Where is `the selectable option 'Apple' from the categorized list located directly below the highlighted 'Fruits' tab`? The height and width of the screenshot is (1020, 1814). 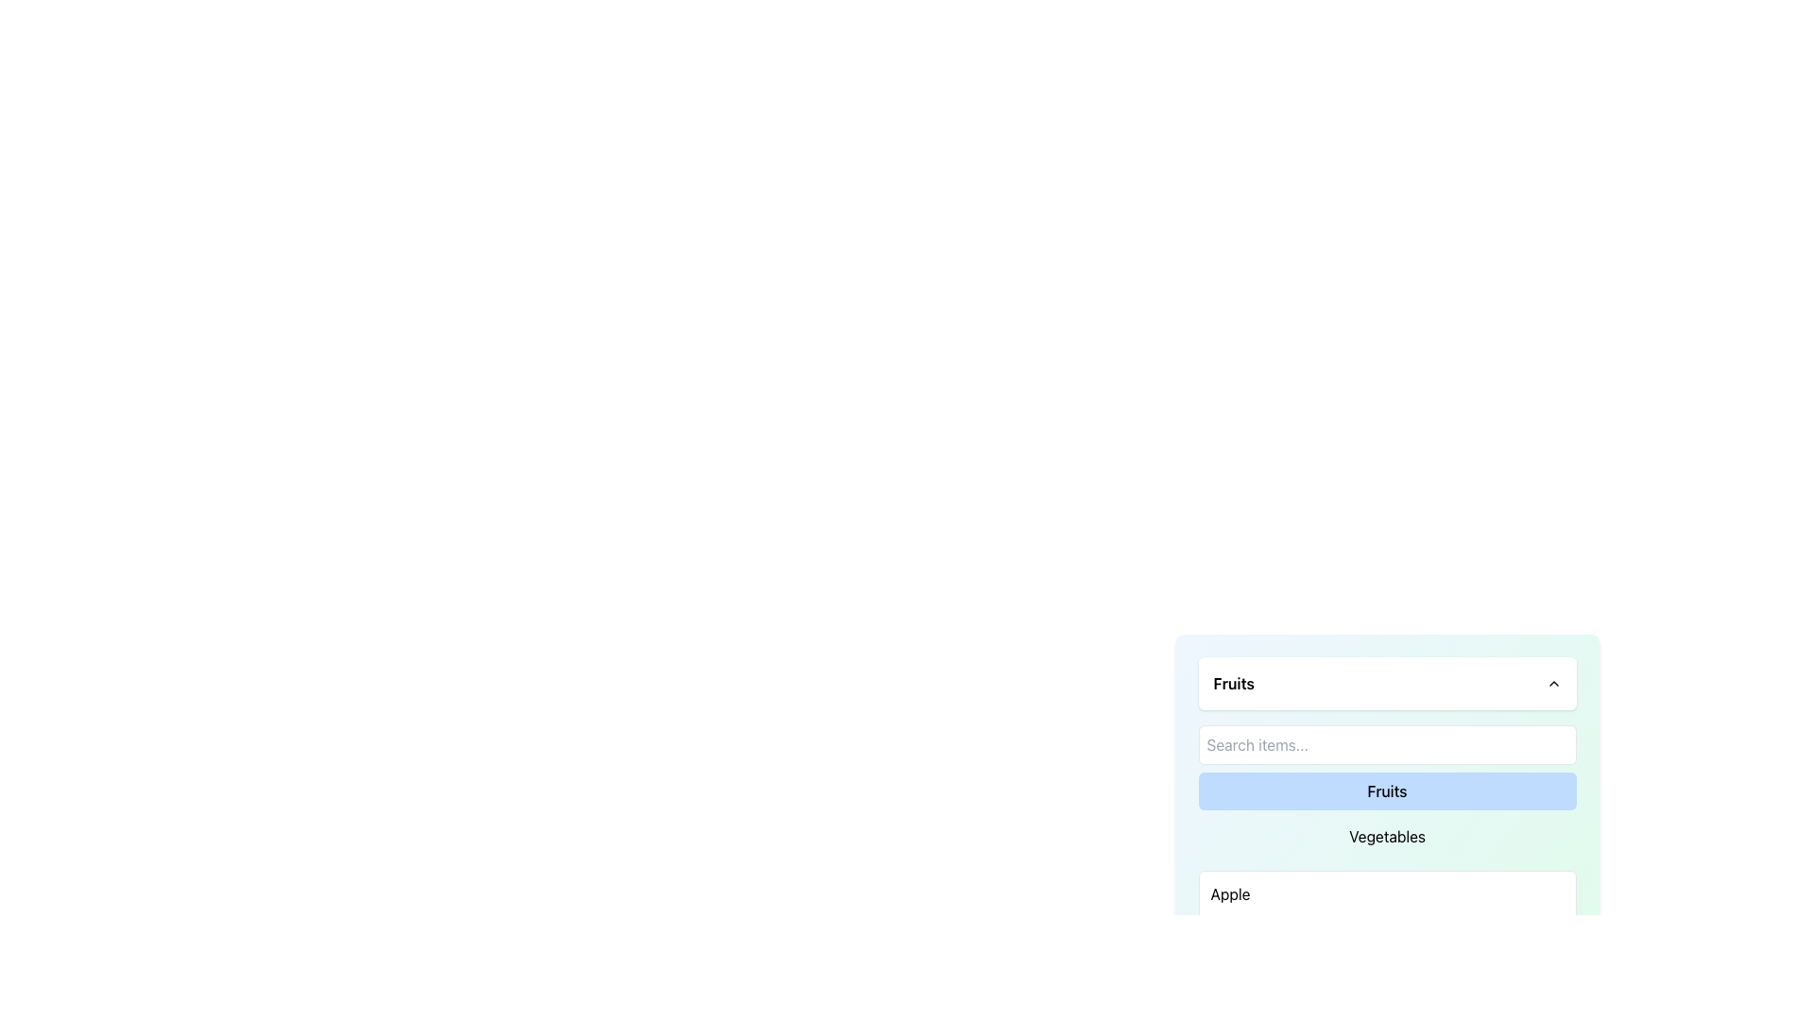
the selectable option 'Apple' from the categorized list located directly below the highlighted 'Fruits' tab is located at coordinates (1387, 893).